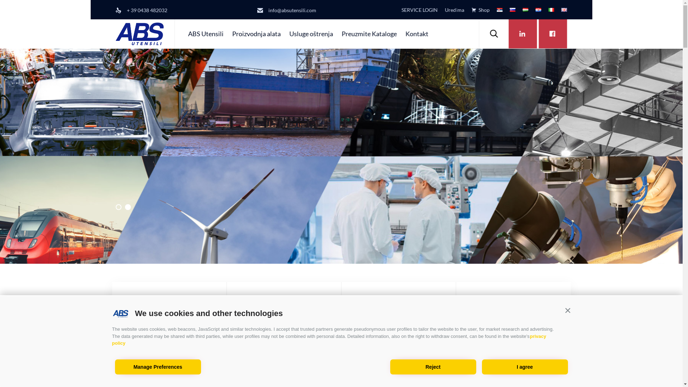 This screenshot has height=387, width=688. I want to click on '+ 39 0438 482032', so click(147, 10).